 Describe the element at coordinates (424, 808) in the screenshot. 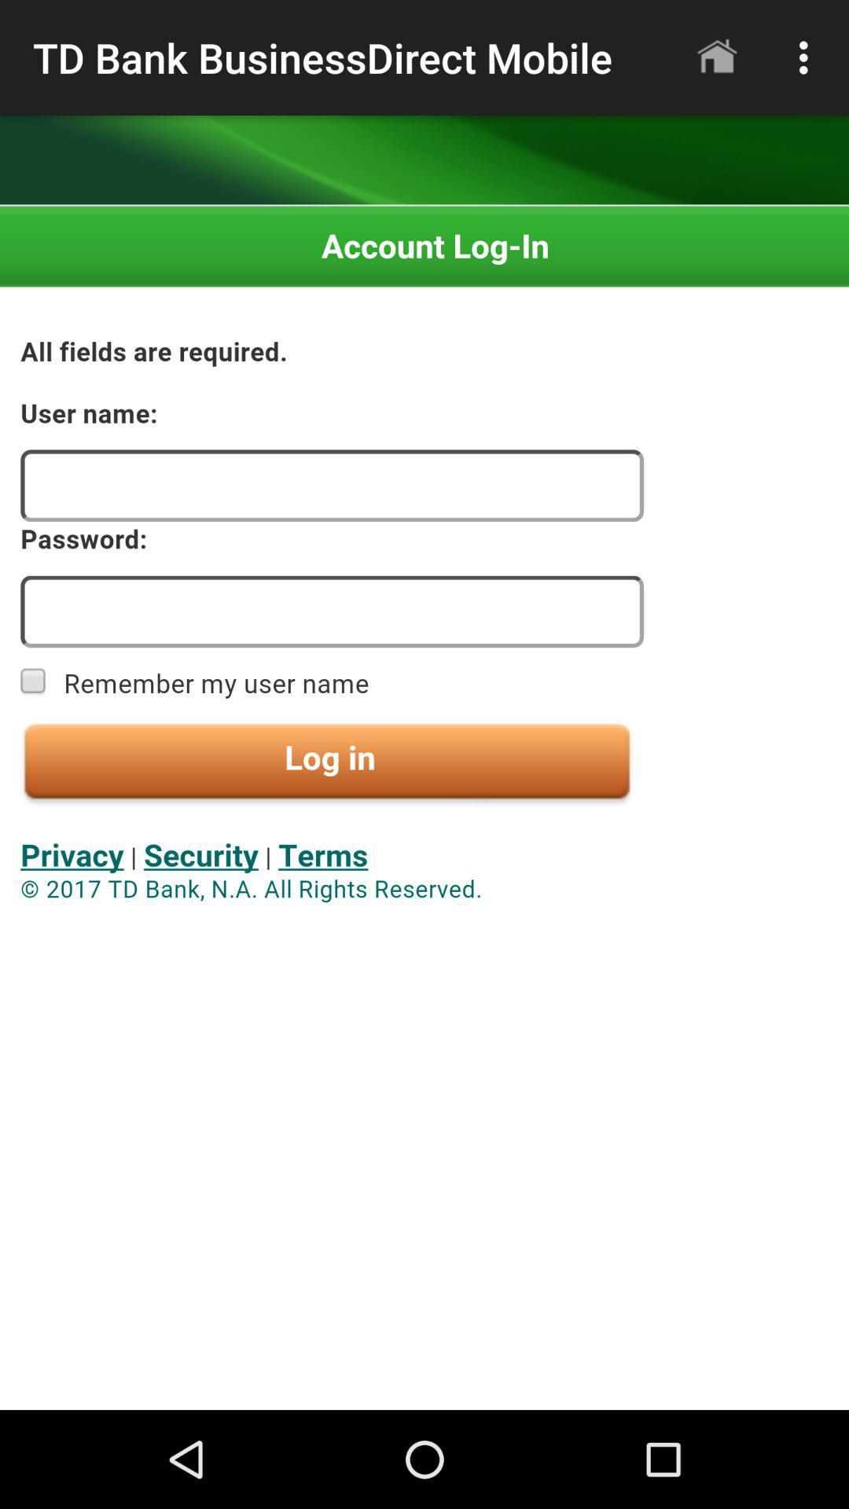

I see `seeing in the paragraph` at that location.